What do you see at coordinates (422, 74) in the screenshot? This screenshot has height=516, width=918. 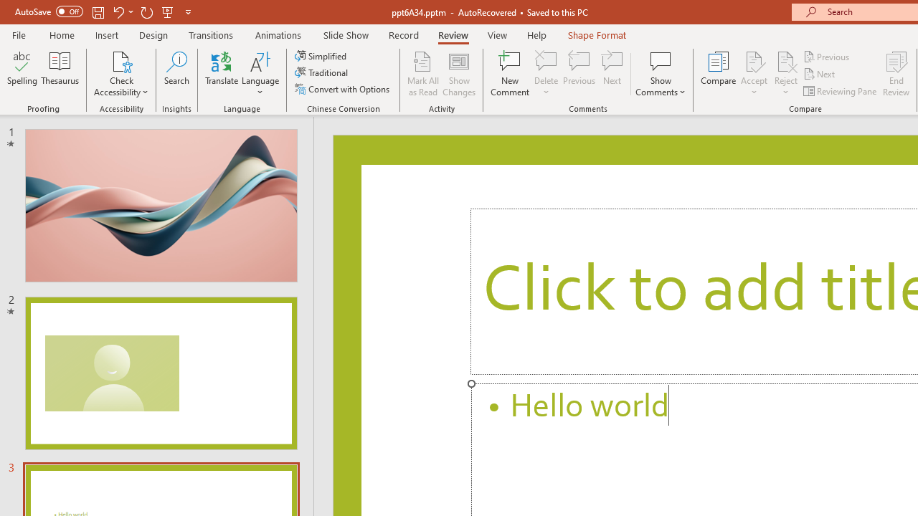 I see `'Mark All as Read'` at bounding box center [422, 74].